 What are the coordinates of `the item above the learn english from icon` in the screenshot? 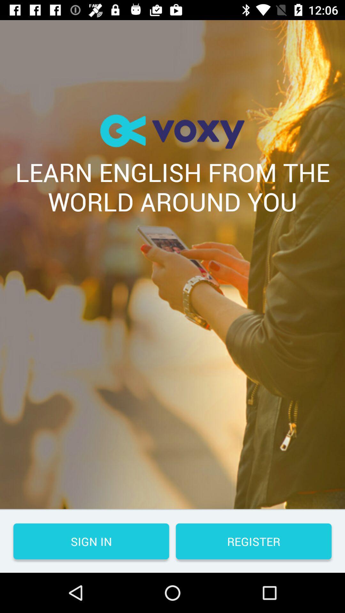 It's located at (172, 131).